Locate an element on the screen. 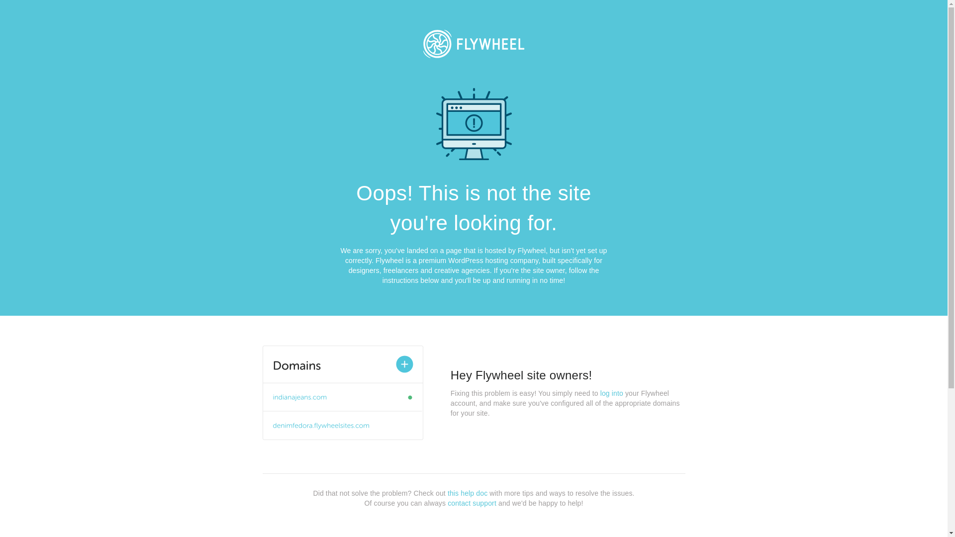 This screenshot has height=537, width=955. 'log into' is located at coordinates (611, 392).